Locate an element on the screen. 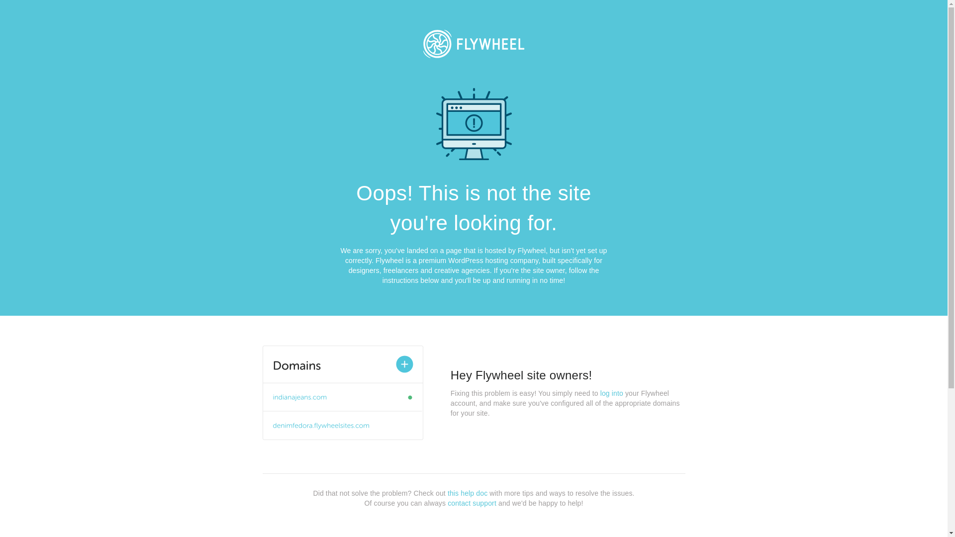 This screenshot has height=537, width=955. 'log into' is located at coordinates (611, 392).